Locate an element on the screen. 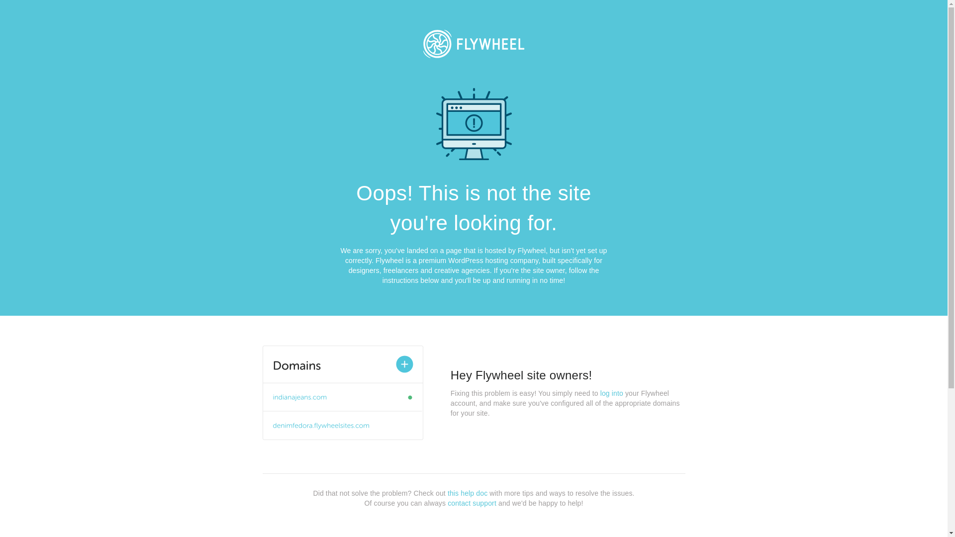 This screenshot has height=537, width=955. 'log into' is located at coordinates (611, 392).